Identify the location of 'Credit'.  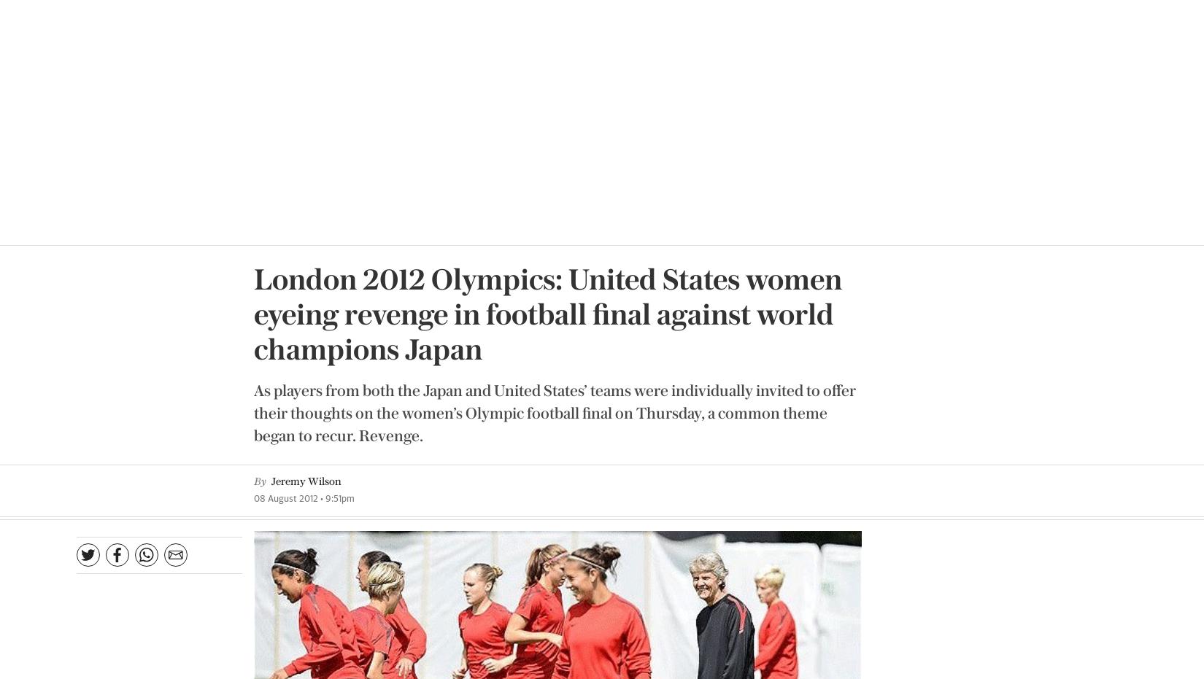
(687, 368).